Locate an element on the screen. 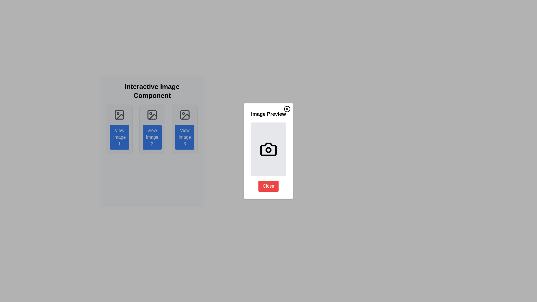  the circular graphical element that represents the core of the camera lens in the icon design is located at coordinates (268, 150).